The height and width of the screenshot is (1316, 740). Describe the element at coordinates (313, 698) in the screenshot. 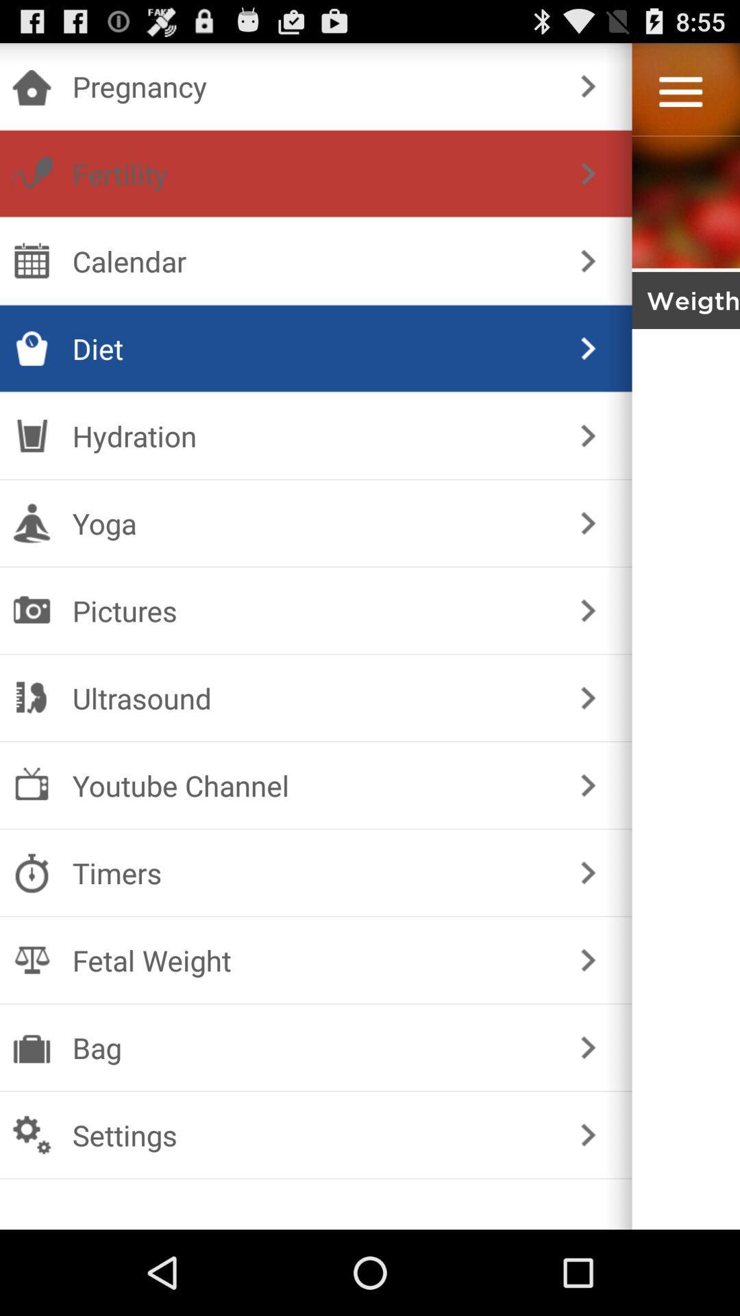

I see `checkbox above the youtube channel` at that location.